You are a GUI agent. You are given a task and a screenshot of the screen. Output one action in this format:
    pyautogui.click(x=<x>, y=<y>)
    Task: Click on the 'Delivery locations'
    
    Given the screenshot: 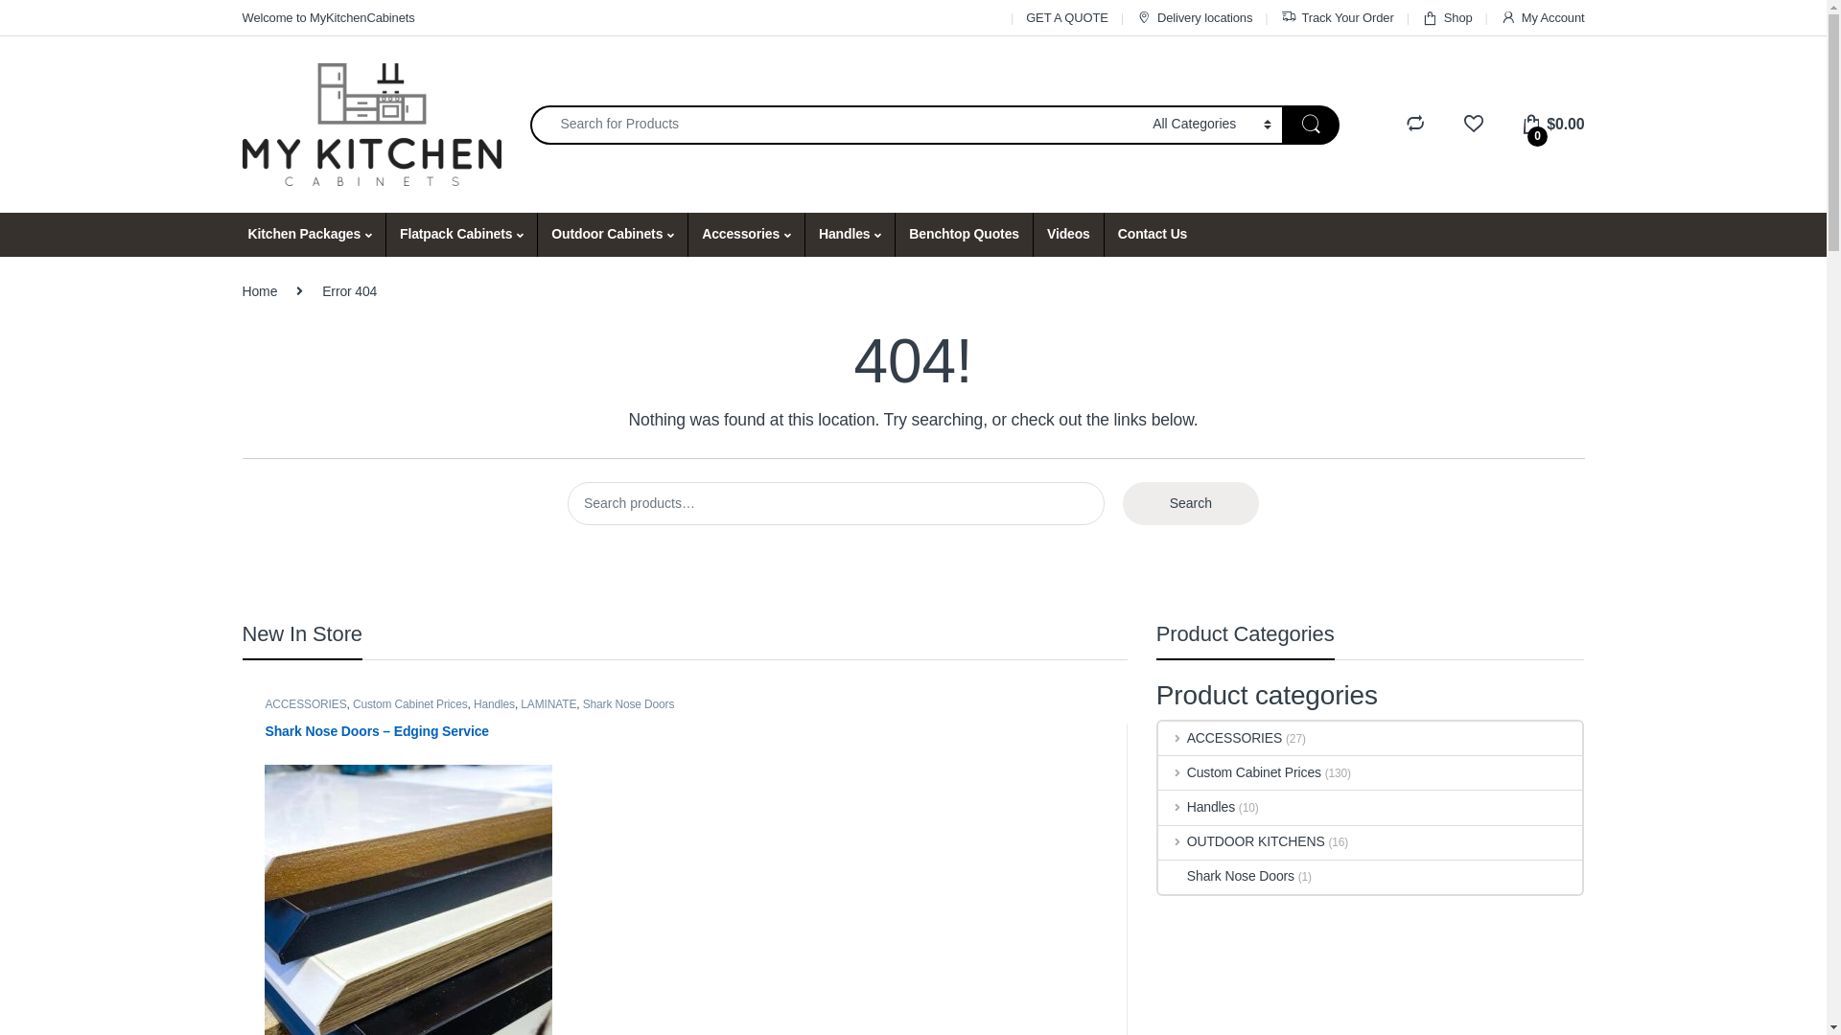 What is the action you would take?
    pyautogui.click(x=1136, y=17)
    